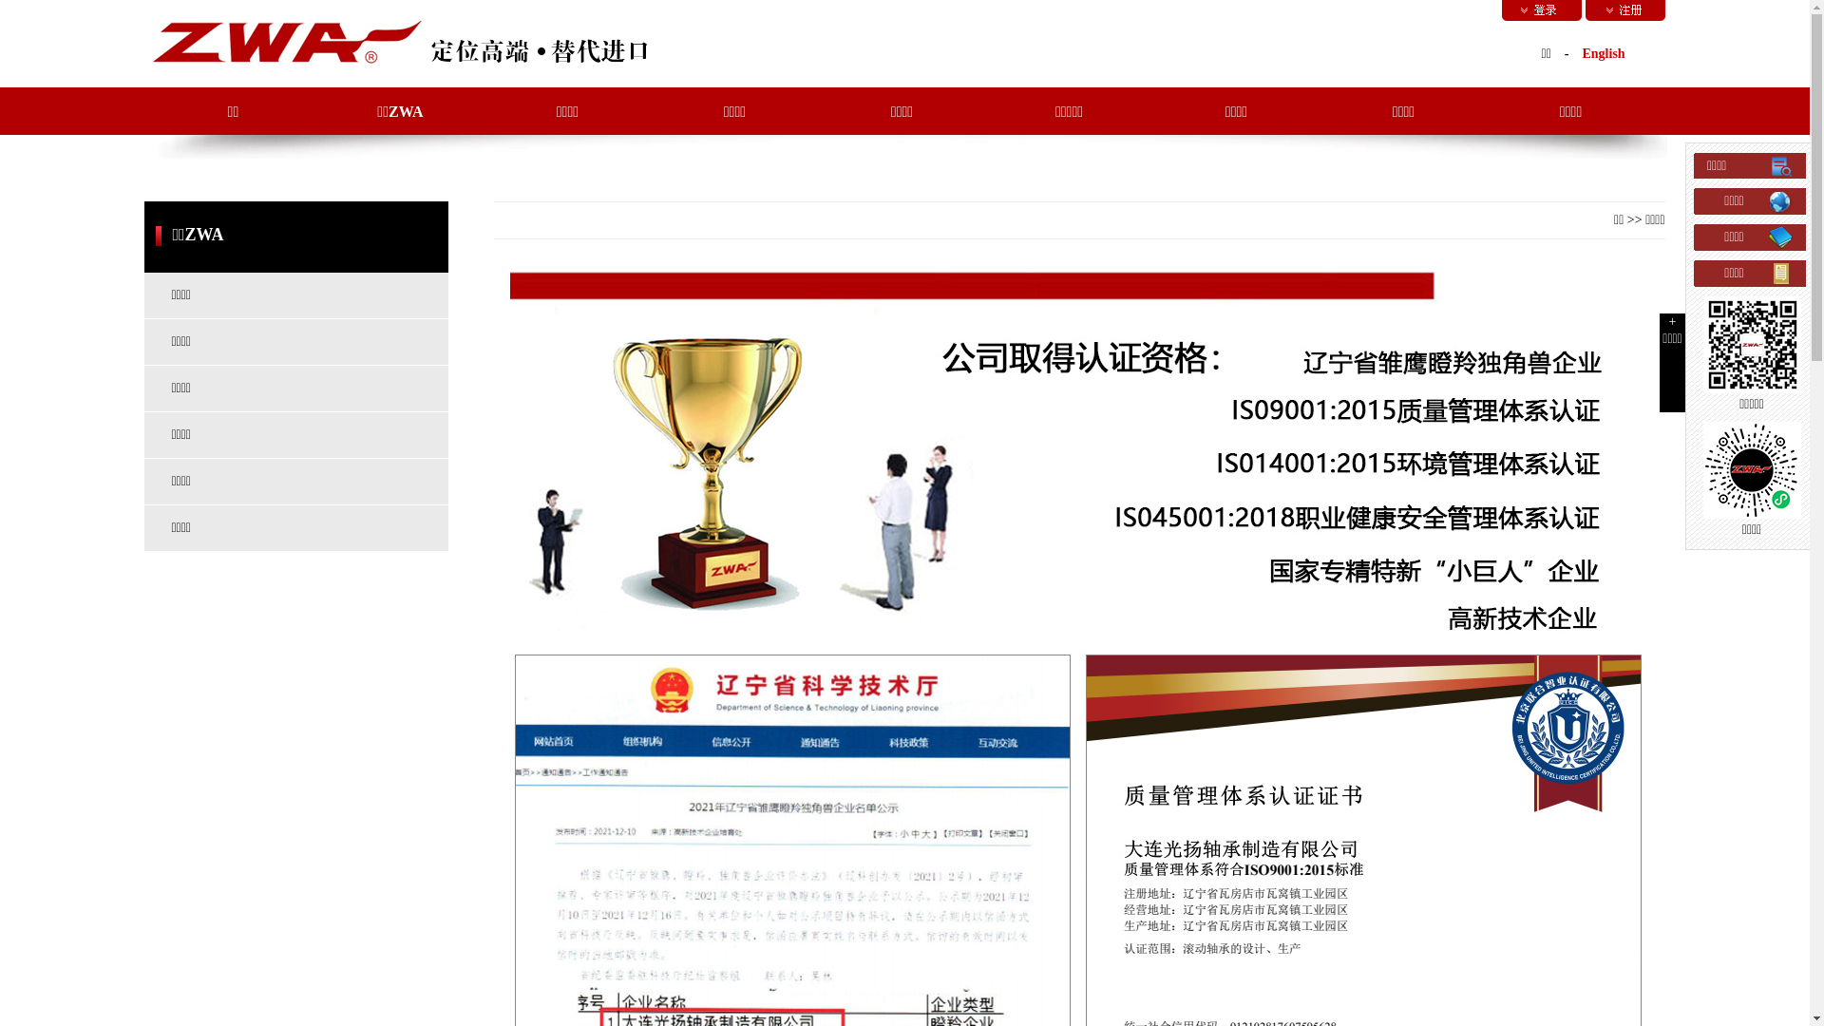 The image size is (1824, 1026). I want to click on 'English', so click(1603, 52).